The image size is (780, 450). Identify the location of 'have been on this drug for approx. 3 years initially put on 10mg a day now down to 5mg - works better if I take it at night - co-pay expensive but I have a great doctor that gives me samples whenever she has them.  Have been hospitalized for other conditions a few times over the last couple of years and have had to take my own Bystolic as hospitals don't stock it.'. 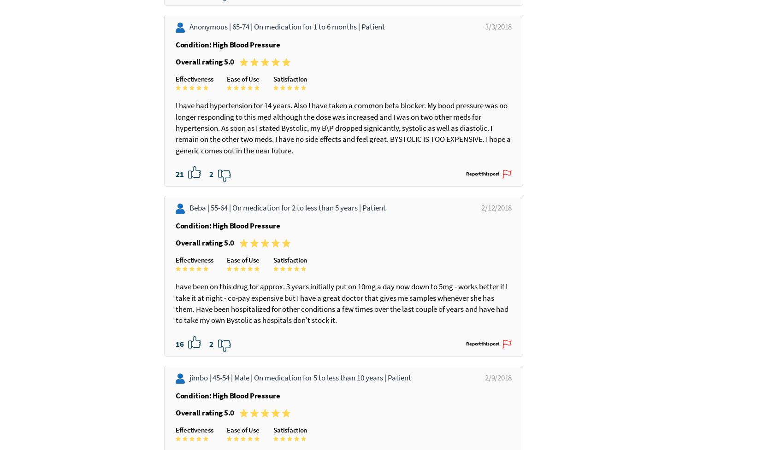
(176, 381).